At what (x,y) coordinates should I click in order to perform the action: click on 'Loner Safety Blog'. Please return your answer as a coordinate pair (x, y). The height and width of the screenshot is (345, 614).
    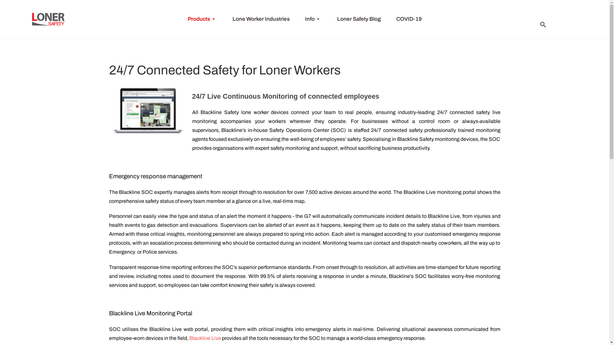
    Looking at the image, I should click on (359, 19).